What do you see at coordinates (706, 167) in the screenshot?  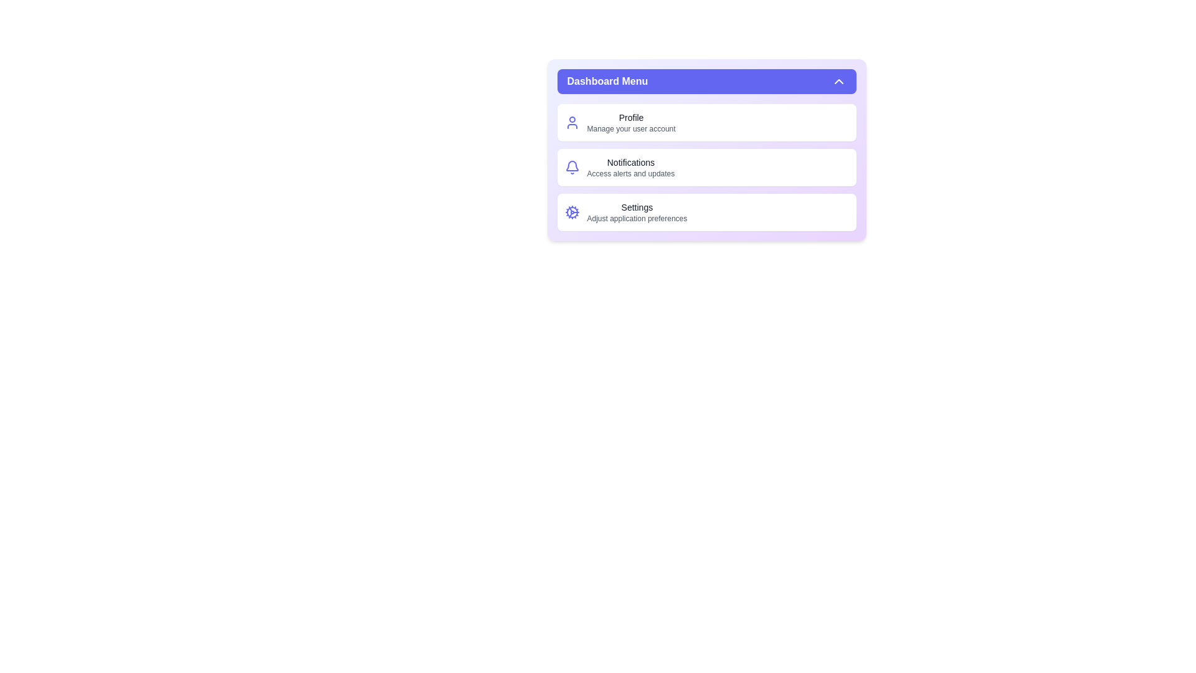 I see `the 'Notifications' section in the menu` at bounding box center [706, 167].